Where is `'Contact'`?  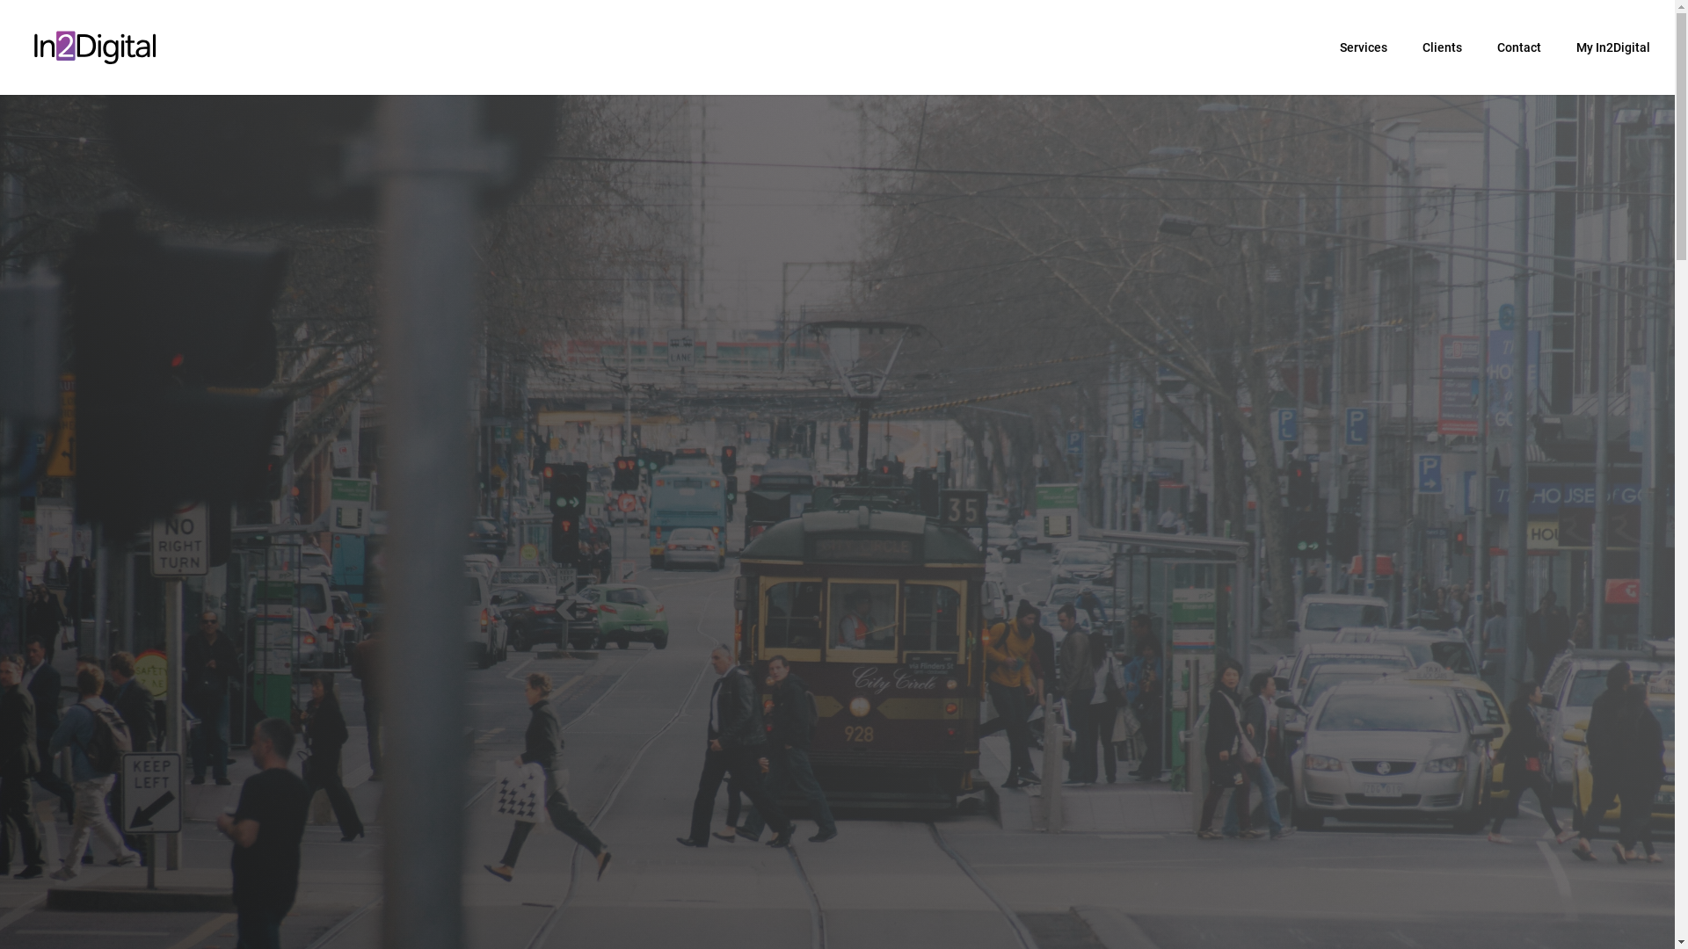 'Contact' is located at coordinates (1518, 47).